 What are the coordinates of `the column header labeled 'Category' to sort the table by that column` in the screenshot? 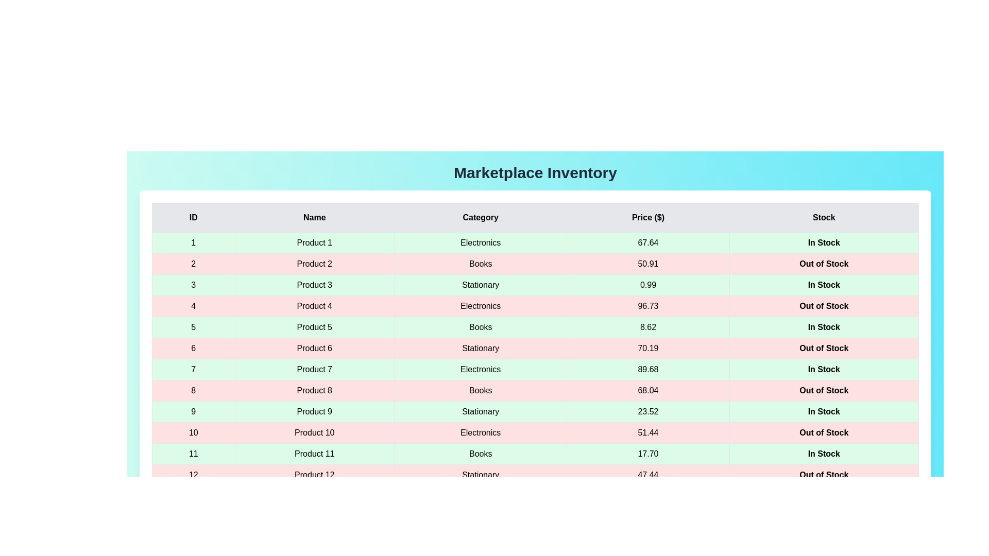 It's located at (480, 217).